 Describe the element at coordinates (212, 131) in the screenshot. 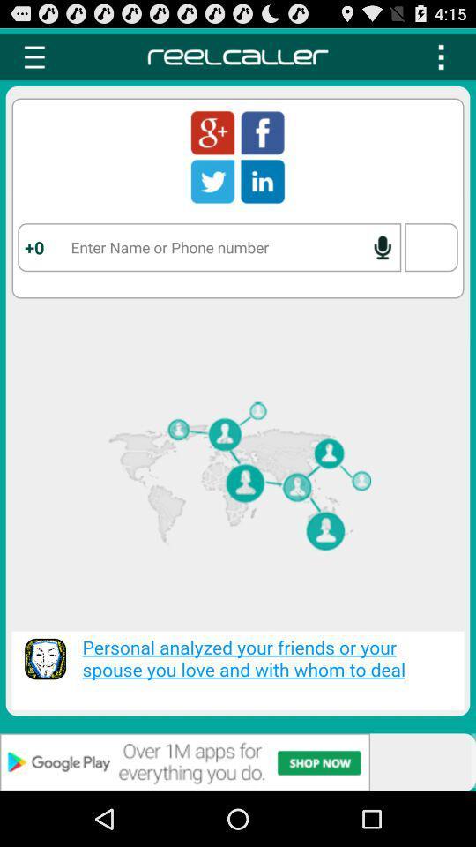

I see `mail` at that location.